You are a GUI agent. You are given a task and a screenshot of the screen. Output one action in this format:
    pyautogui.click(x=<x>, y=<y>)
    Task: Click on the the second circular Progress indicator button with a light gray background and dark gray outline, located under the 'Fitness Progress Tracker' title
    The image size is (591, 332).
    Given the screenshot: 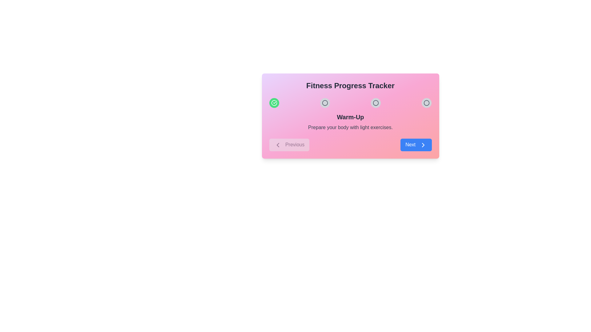 What is the action you would take?
    pyautogui.click(x=324, y=103)
    